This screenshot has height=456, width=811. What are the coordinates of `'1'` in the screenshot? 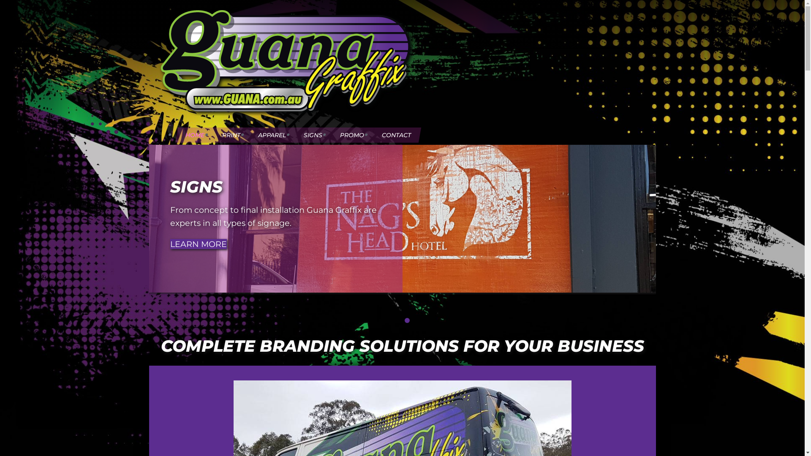 It's located at (388, 320).